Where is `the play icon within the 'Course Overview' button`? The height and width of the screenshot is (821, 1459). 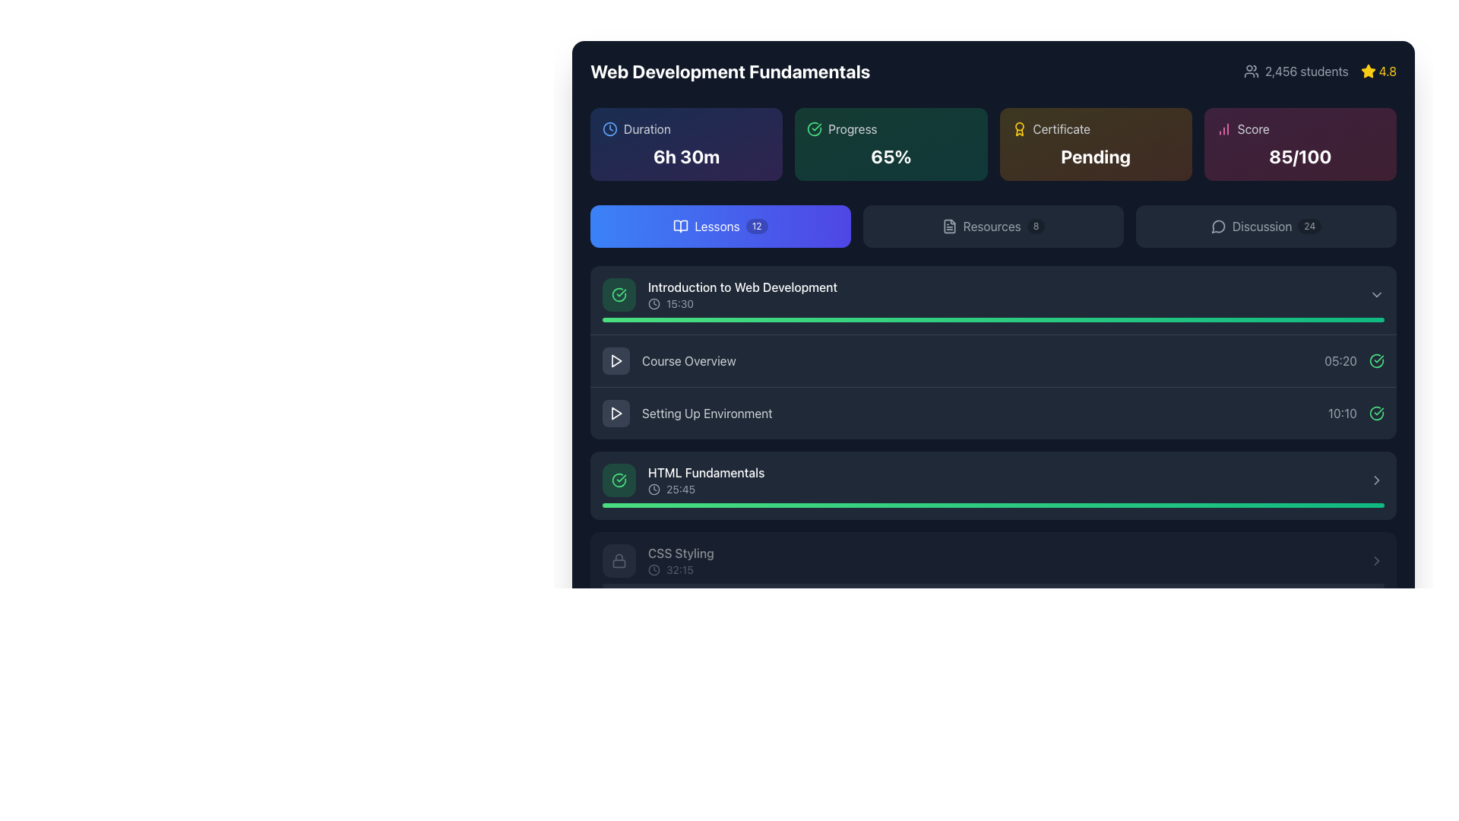
the play icon within the 'Course Overview' button is located at coordinates (616, 360).